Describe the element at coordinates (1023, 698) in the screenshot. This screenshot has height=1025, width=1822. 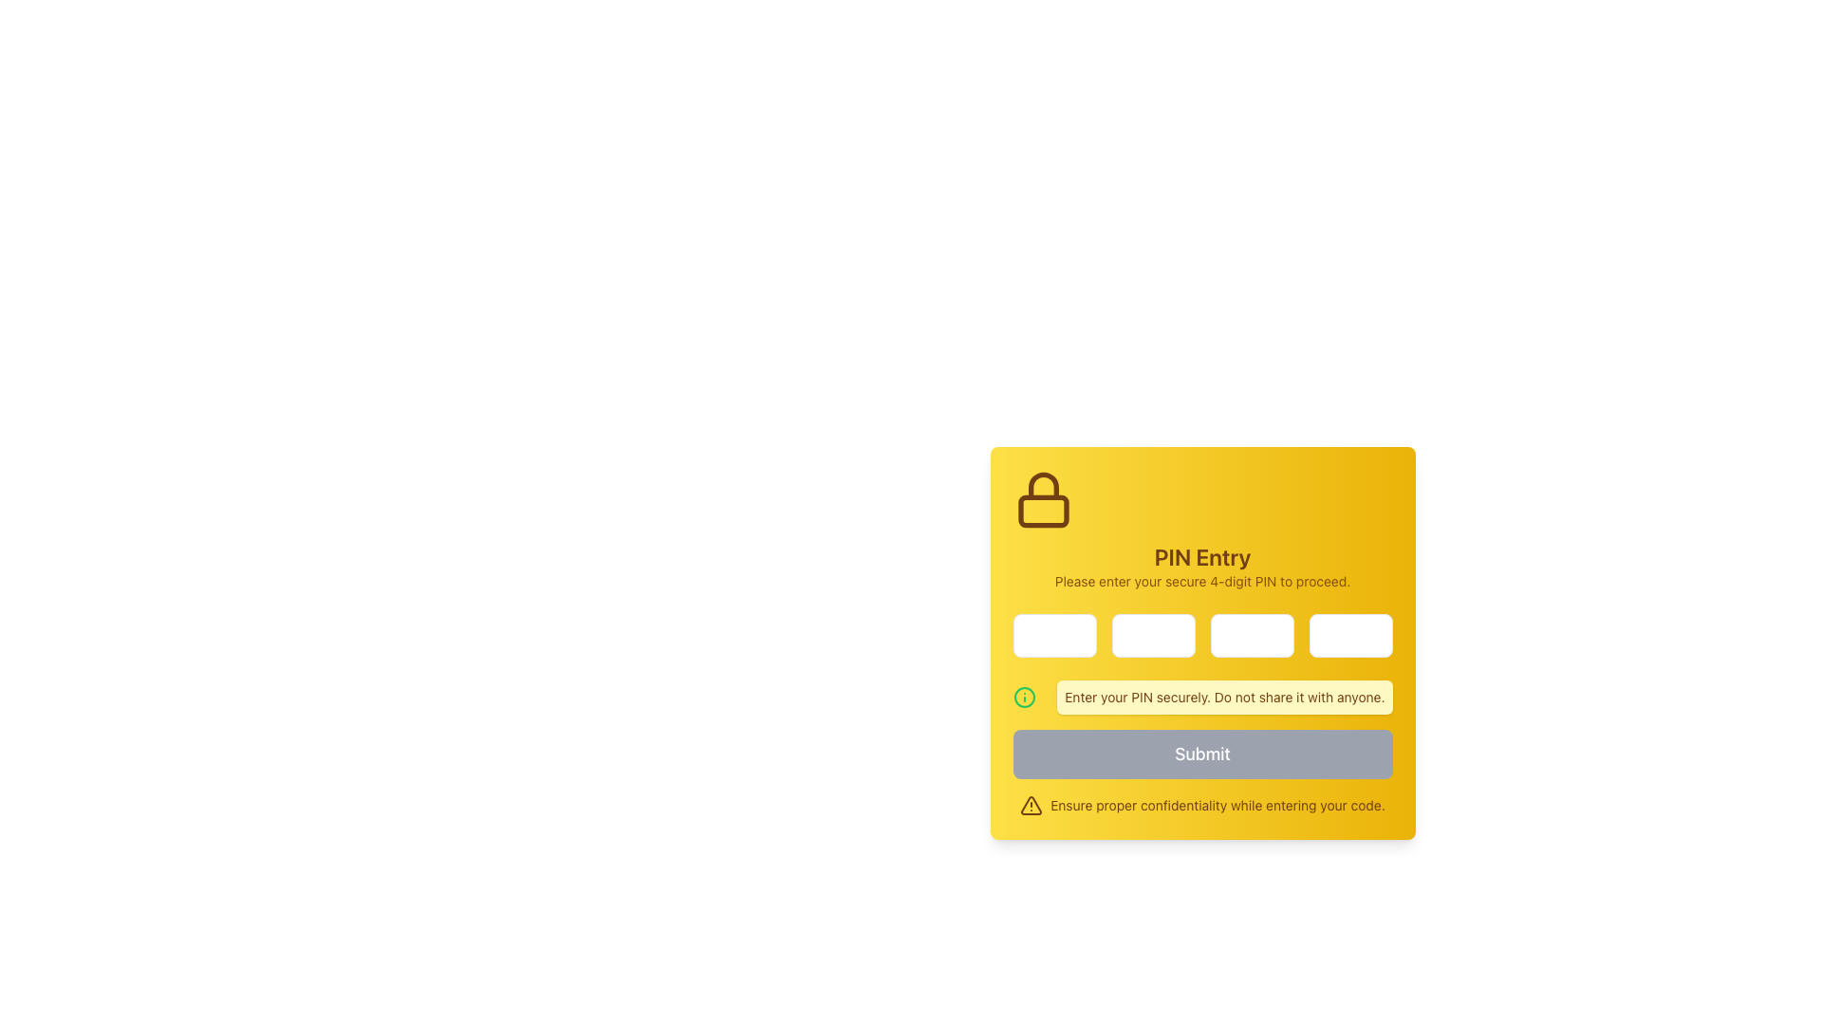
I see `the informational icon located to the left of the text 'Enter your PIN securely. Do not share it with anyone.'` at that location.